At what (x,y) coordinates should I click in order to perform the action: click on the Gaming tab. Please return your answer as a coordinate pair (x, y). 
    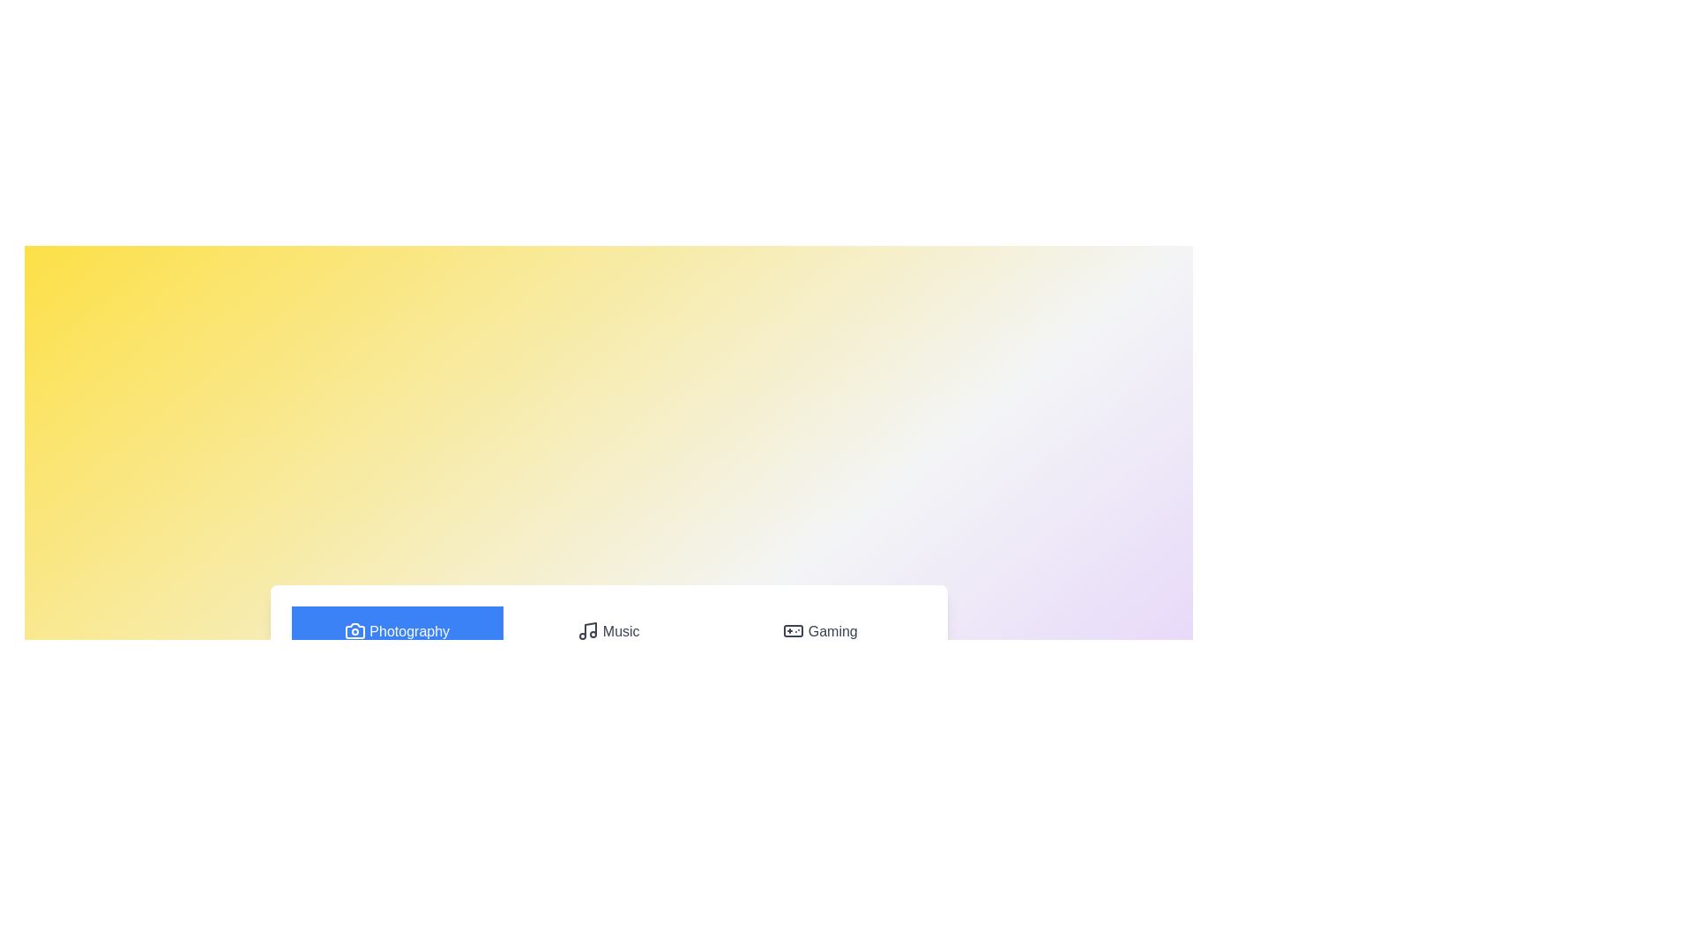
    Looking at the image, I should click on (819, 631).